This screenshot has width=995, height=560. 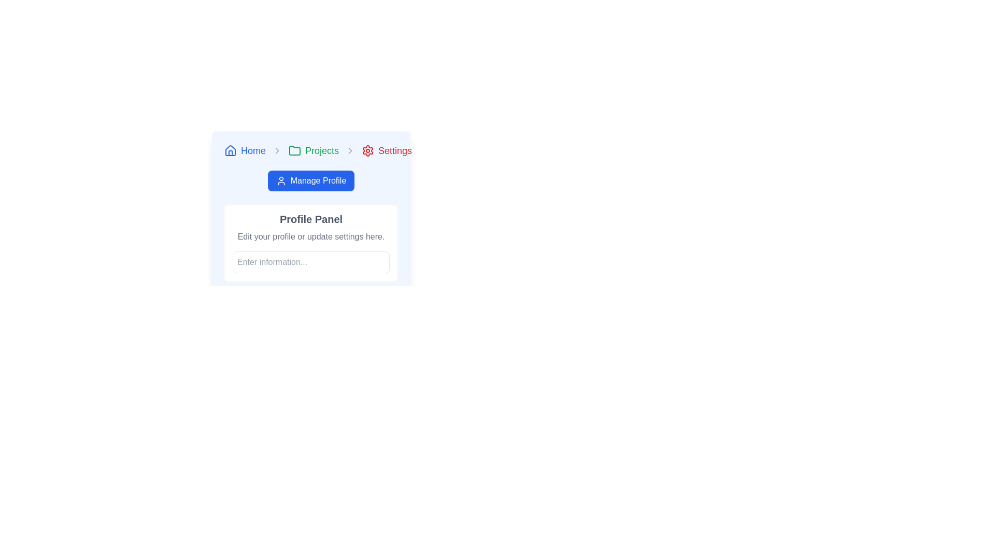 What do you see at coordinates (313, 150) in the screenshot?
I see `the 'Projects' link in the breadcrumb navigation bar` at bounding box center [313, 150].